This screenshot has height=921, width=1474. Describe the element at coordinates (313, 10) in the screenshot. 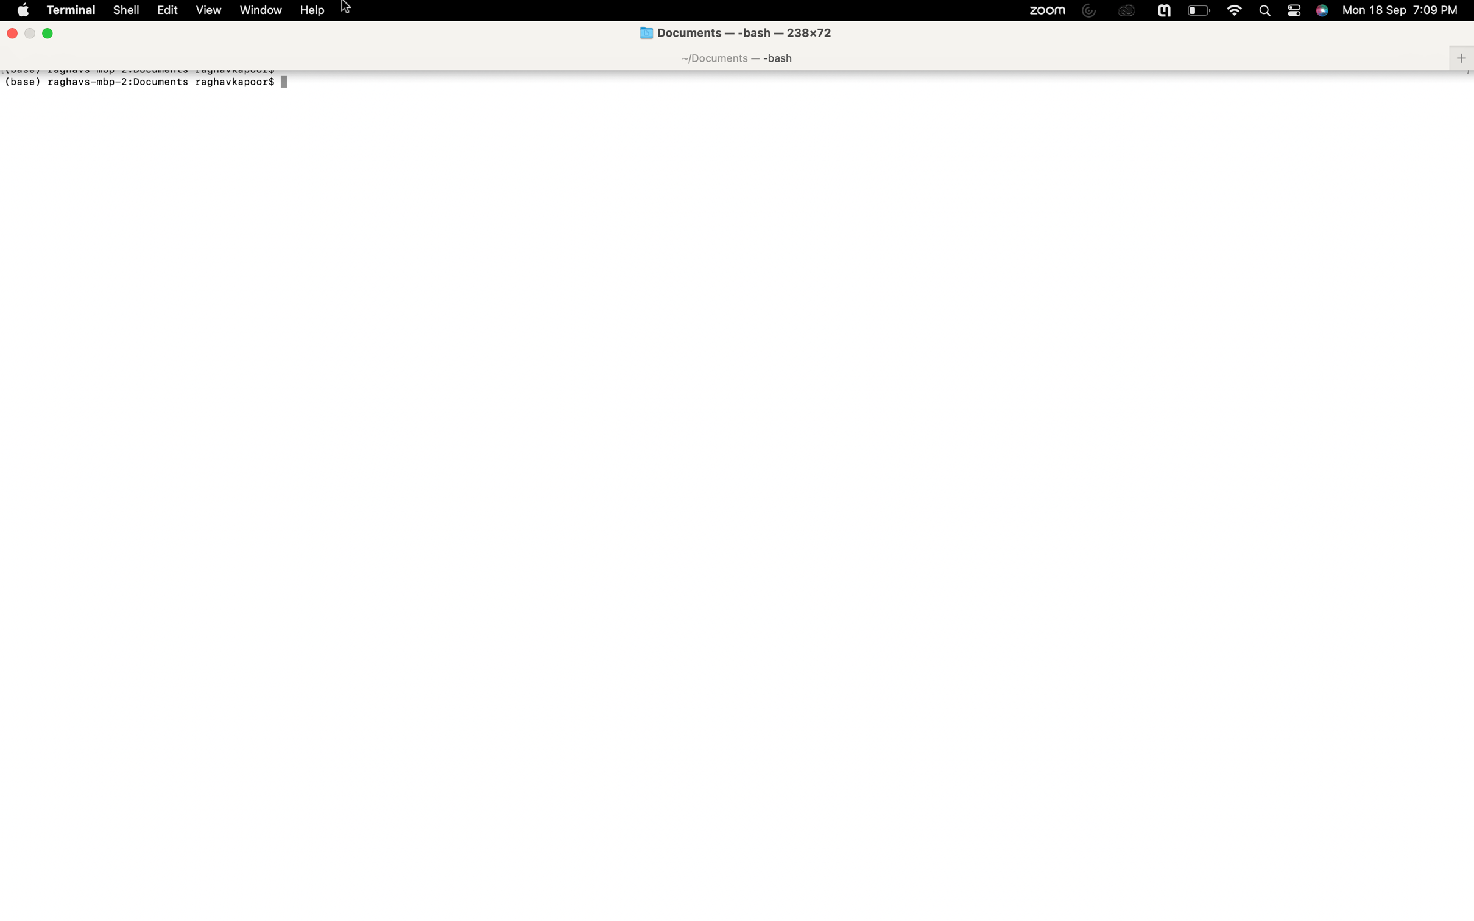

I see `Type settings under help options tab` at that location.